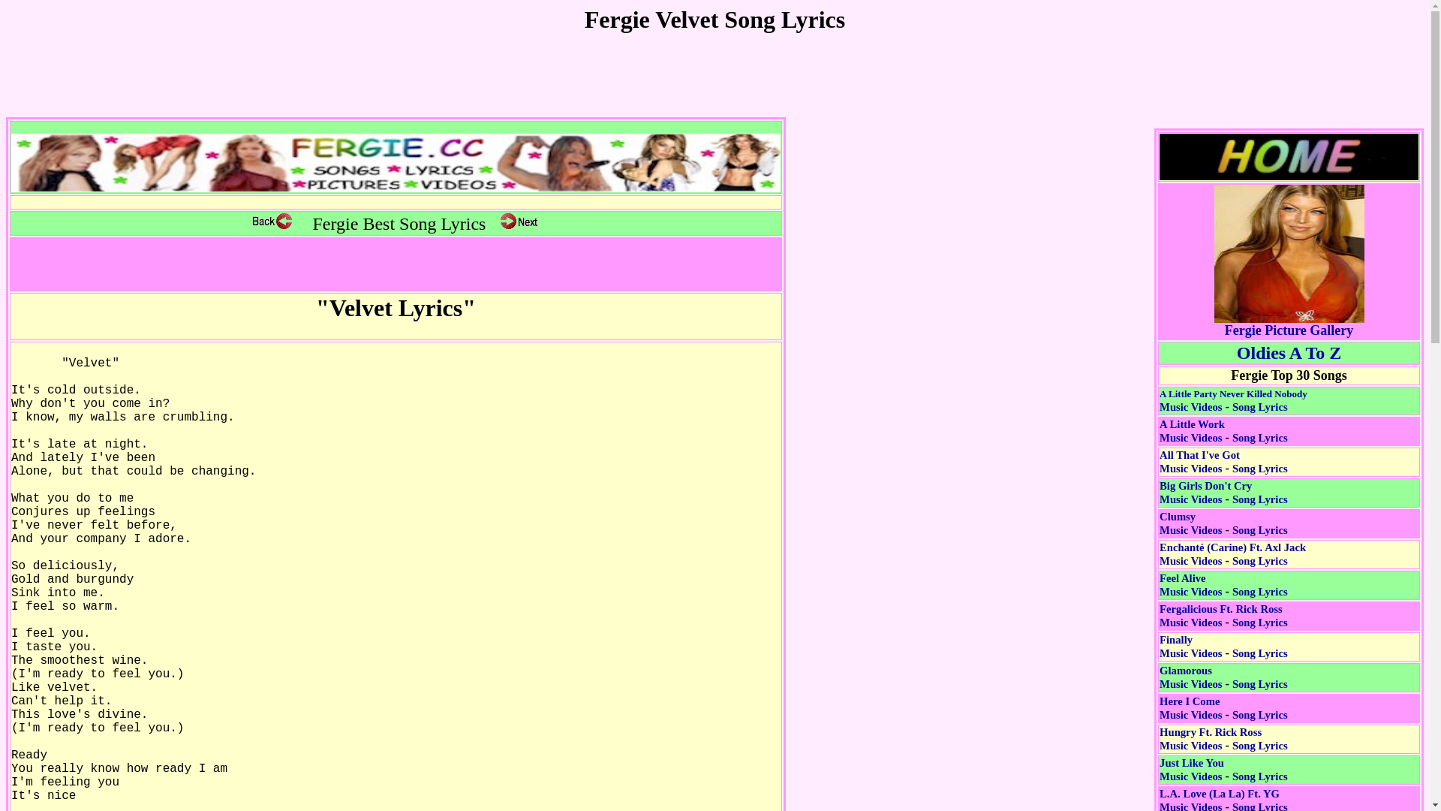 The image size is (1441, 811). Describe the element at coordinates (1190, 707) in the screenshot. I see `'Here I Come` at that location.